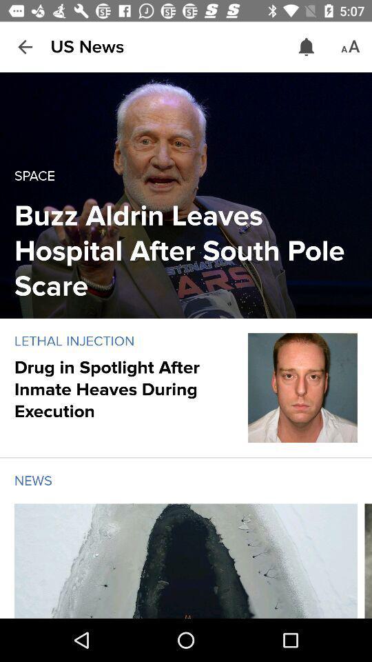  What do you see at coordinates (307, 47) in the screenshot?
I see `the item next to the us news item` at bounding box center [307, 47].